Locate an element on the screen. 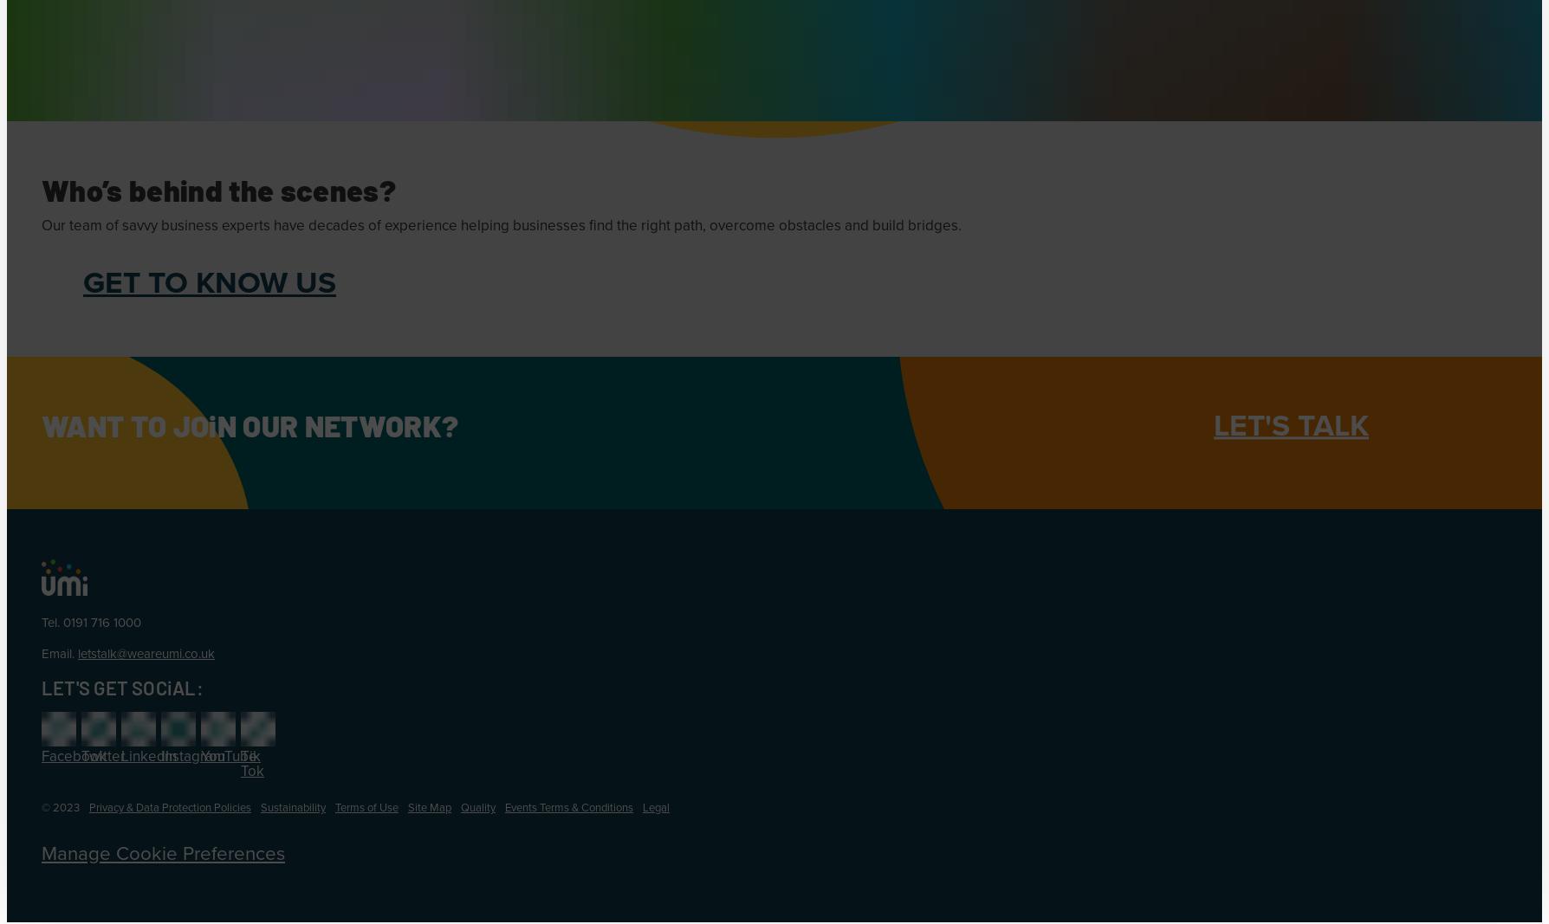  'Manage Cookie Preferences' is located at coordinates (163, 853).